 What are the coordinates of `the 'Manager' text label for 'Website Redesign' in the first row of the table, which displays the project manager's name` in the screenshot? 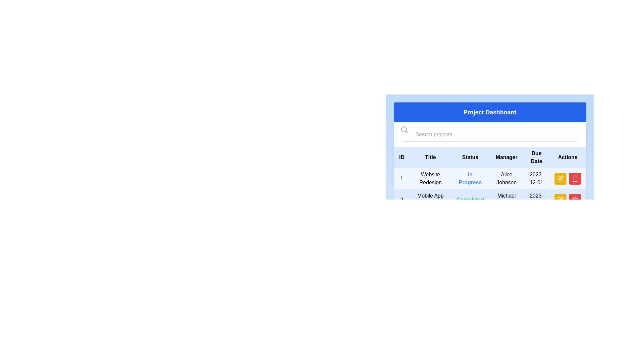 It's located at (506, 178).